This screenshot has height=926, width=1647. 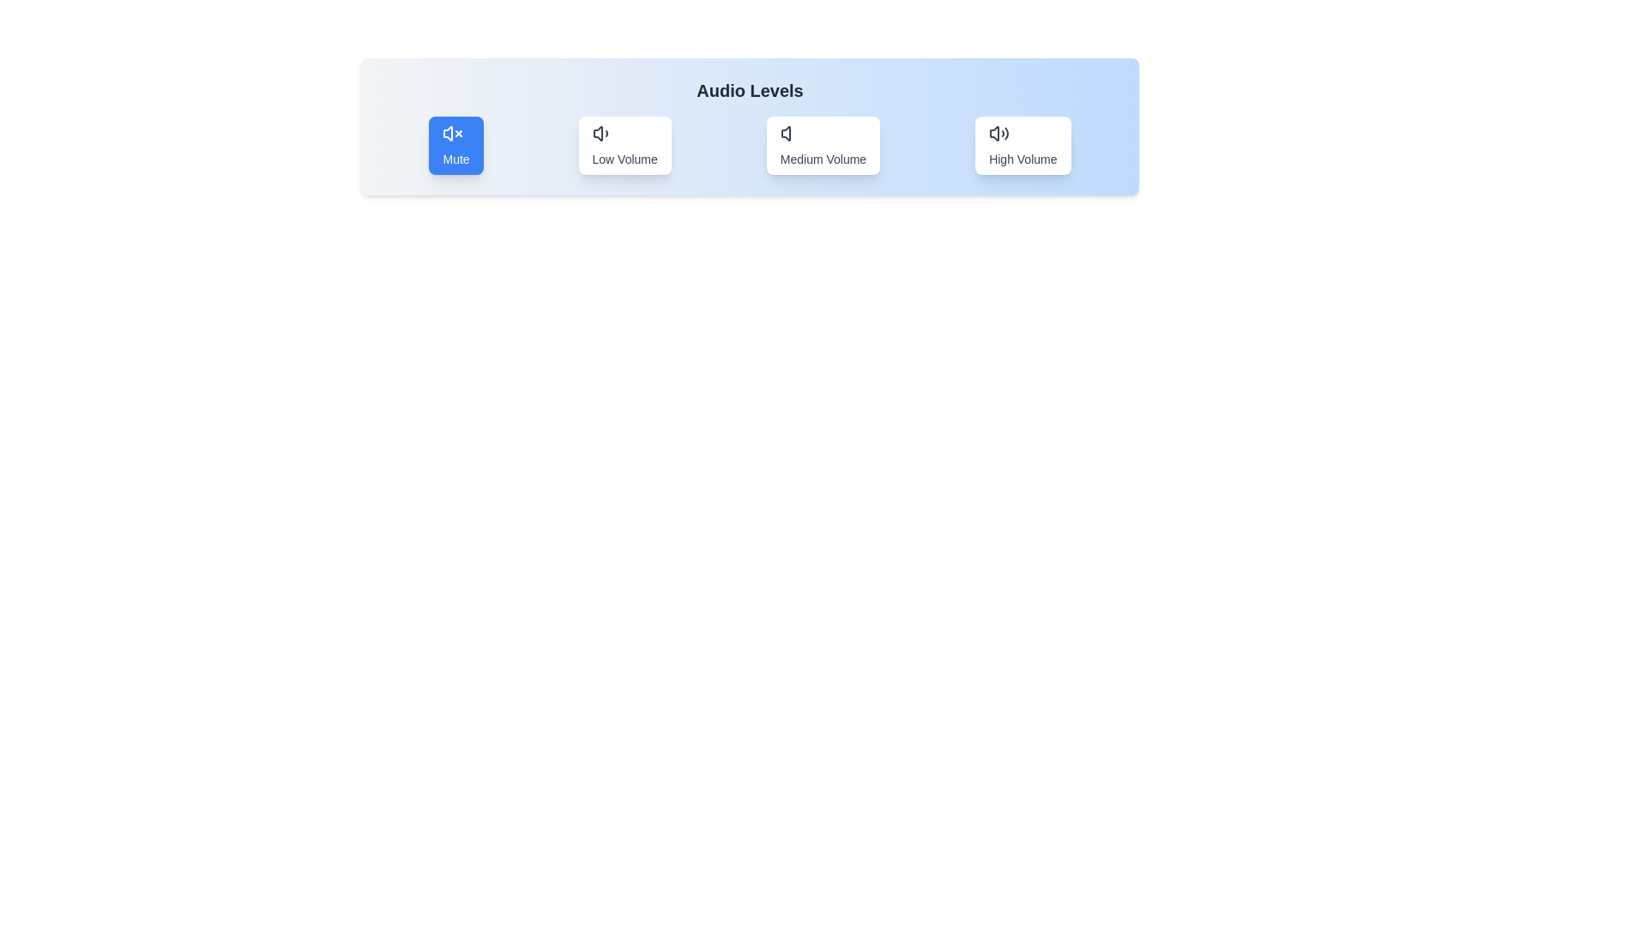 I want to click on the audio mode by clicking on the button corresponding to Medium Volume, so click(x=823, y=144).